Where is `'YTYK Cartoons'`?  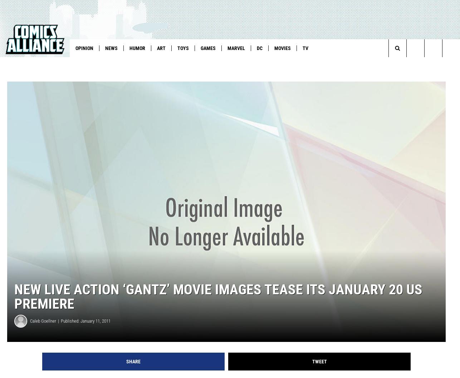 'YTYK Cartoons' is located at coordinates (234, 63).